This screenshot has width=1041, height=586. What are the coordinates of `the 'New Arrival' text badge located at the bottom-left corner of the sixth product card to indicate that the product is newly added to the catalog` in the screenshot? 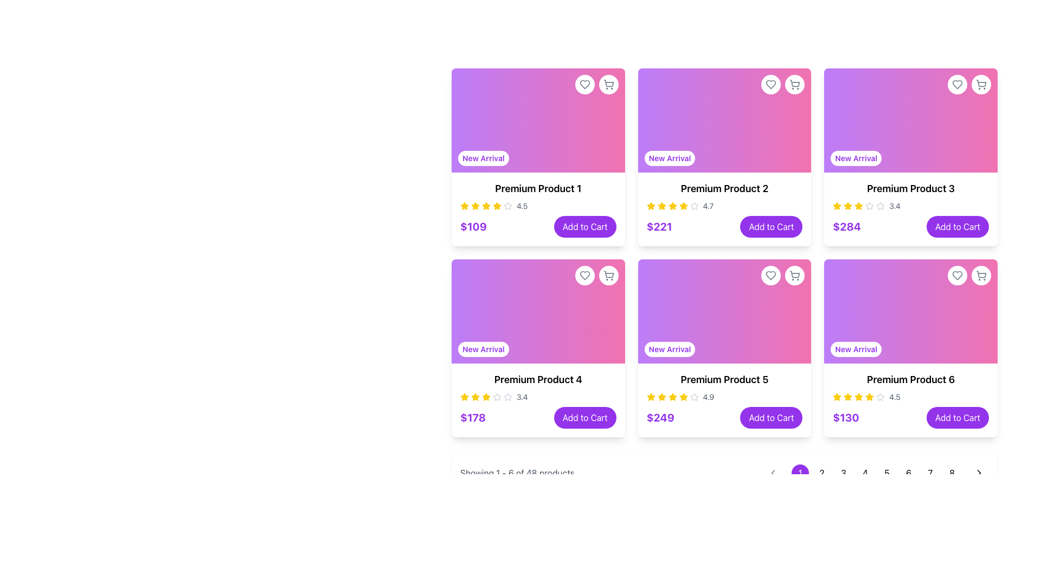 It's located at (856, 349).